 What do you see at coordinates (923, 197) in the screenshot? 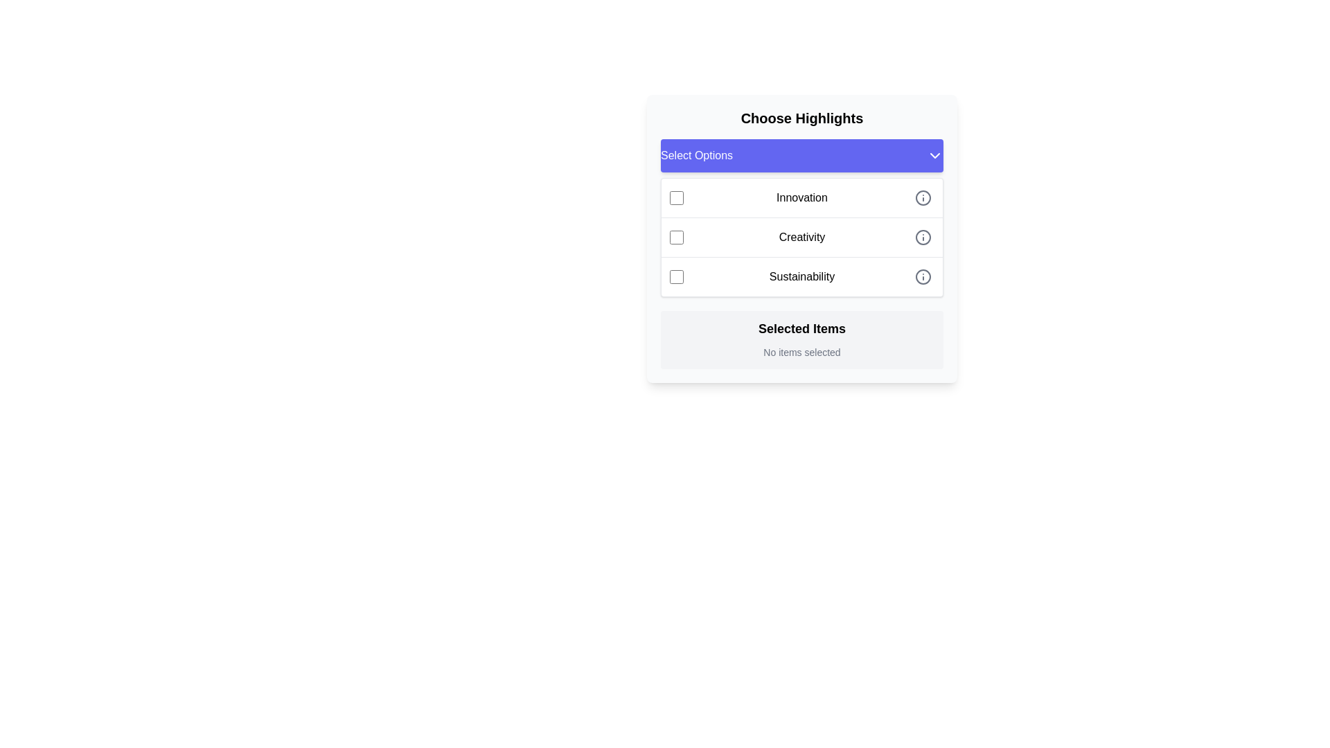
I see `the circular SVG graphic located to the right of the 'Innovation' text in the second row under the 'Choose Highlights' section` at bounding box center [923, 197].